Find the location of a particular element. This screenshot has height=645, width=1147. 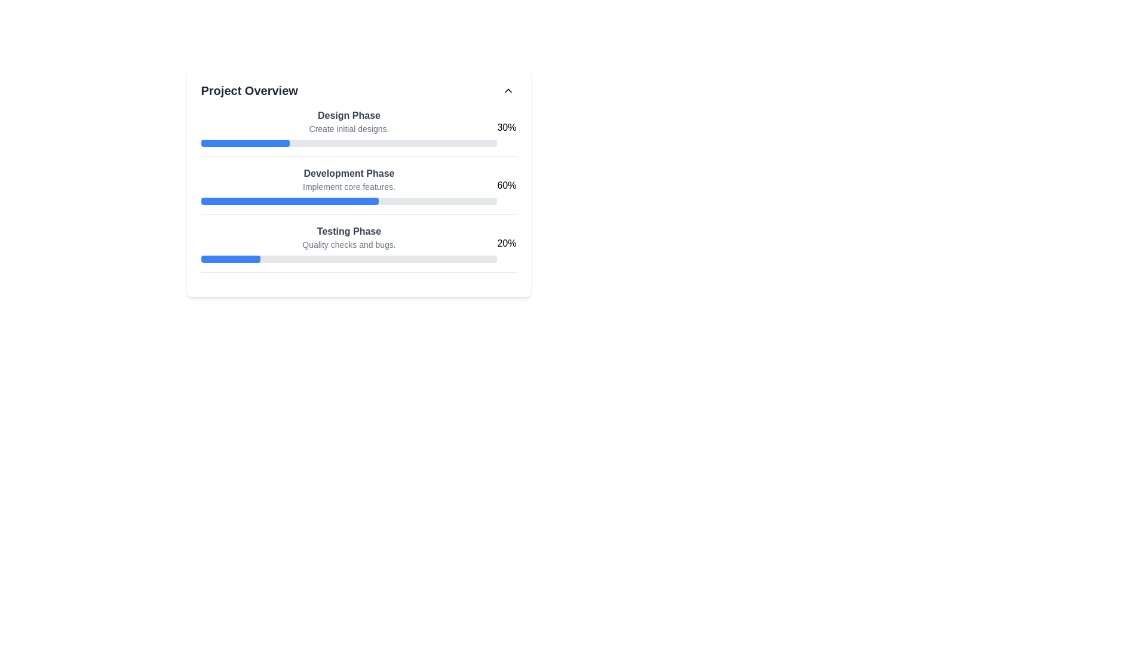

phase descriptions from the 'Project Overview' composite UI element, which includes sections for 'Design Phase,' 'Development Phase,' and 'Testing Phase.' is located at coordinates (358, 182).